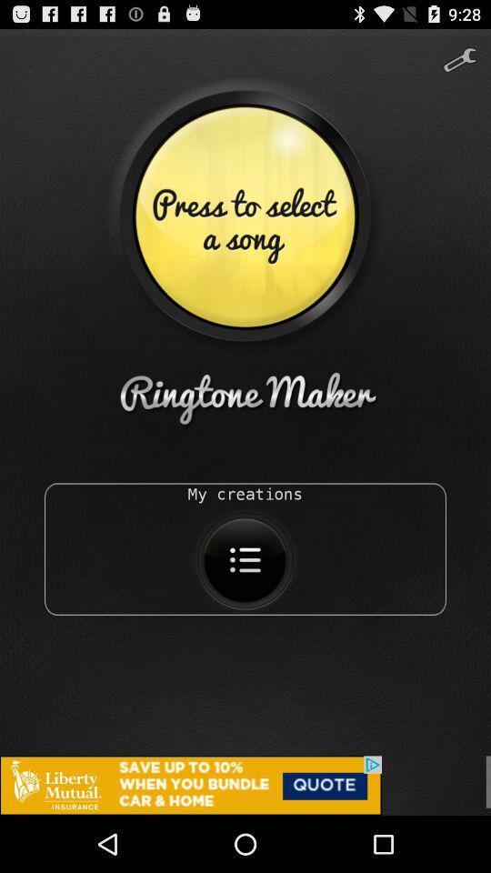 The width and height of the screenshot is (491, 873). Describe the element at coordinates (245, 785) in the screenshot. I see `advertisement for a quote` at that location.